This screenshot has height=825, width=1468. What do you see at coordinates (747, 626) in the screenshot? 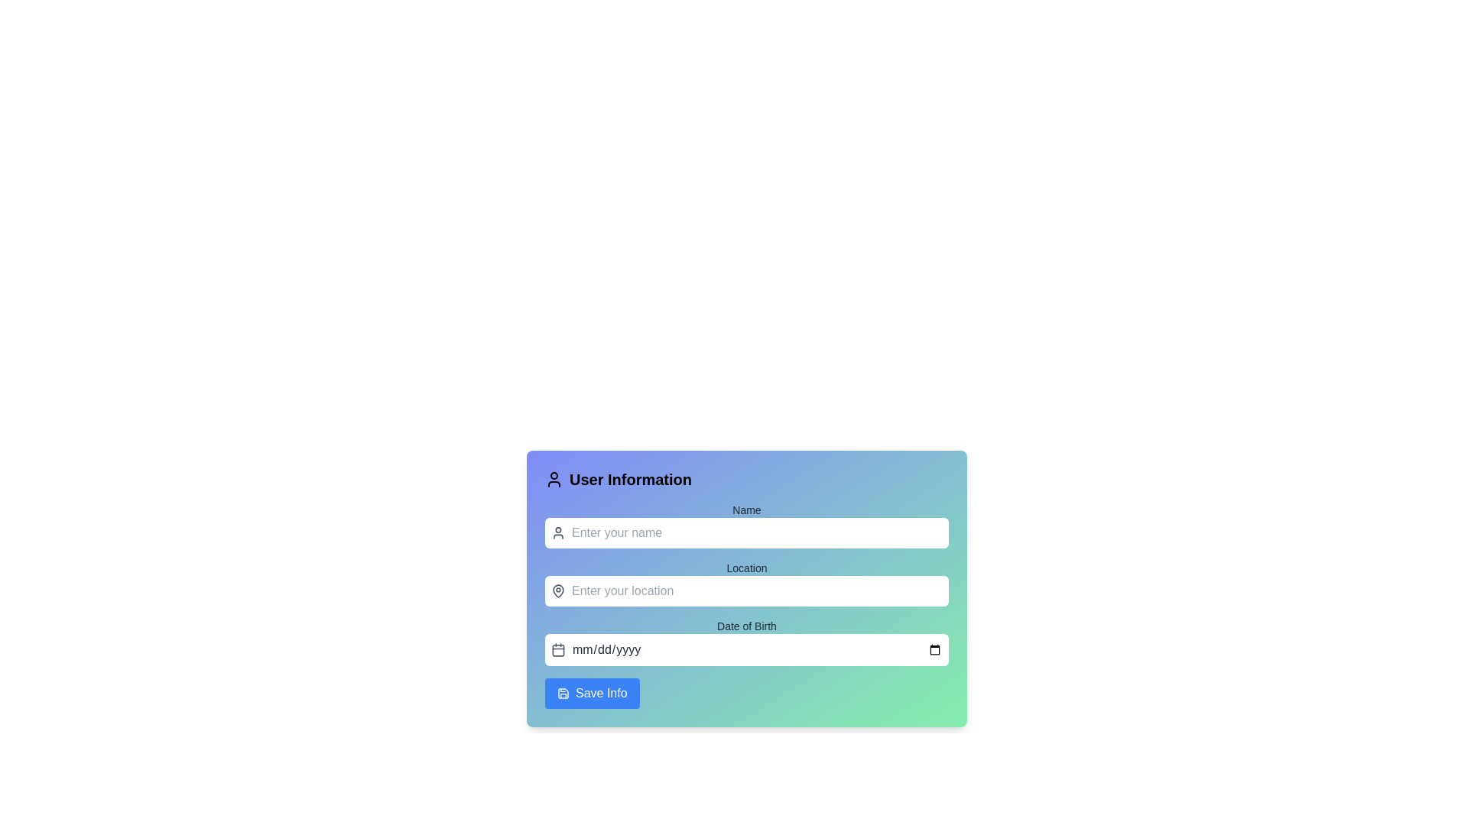
I see `the 'Date of Birth' text label in the 'User Information' form, which is displayed in medium-sized dark gray font` at bounding box center [747, 626].